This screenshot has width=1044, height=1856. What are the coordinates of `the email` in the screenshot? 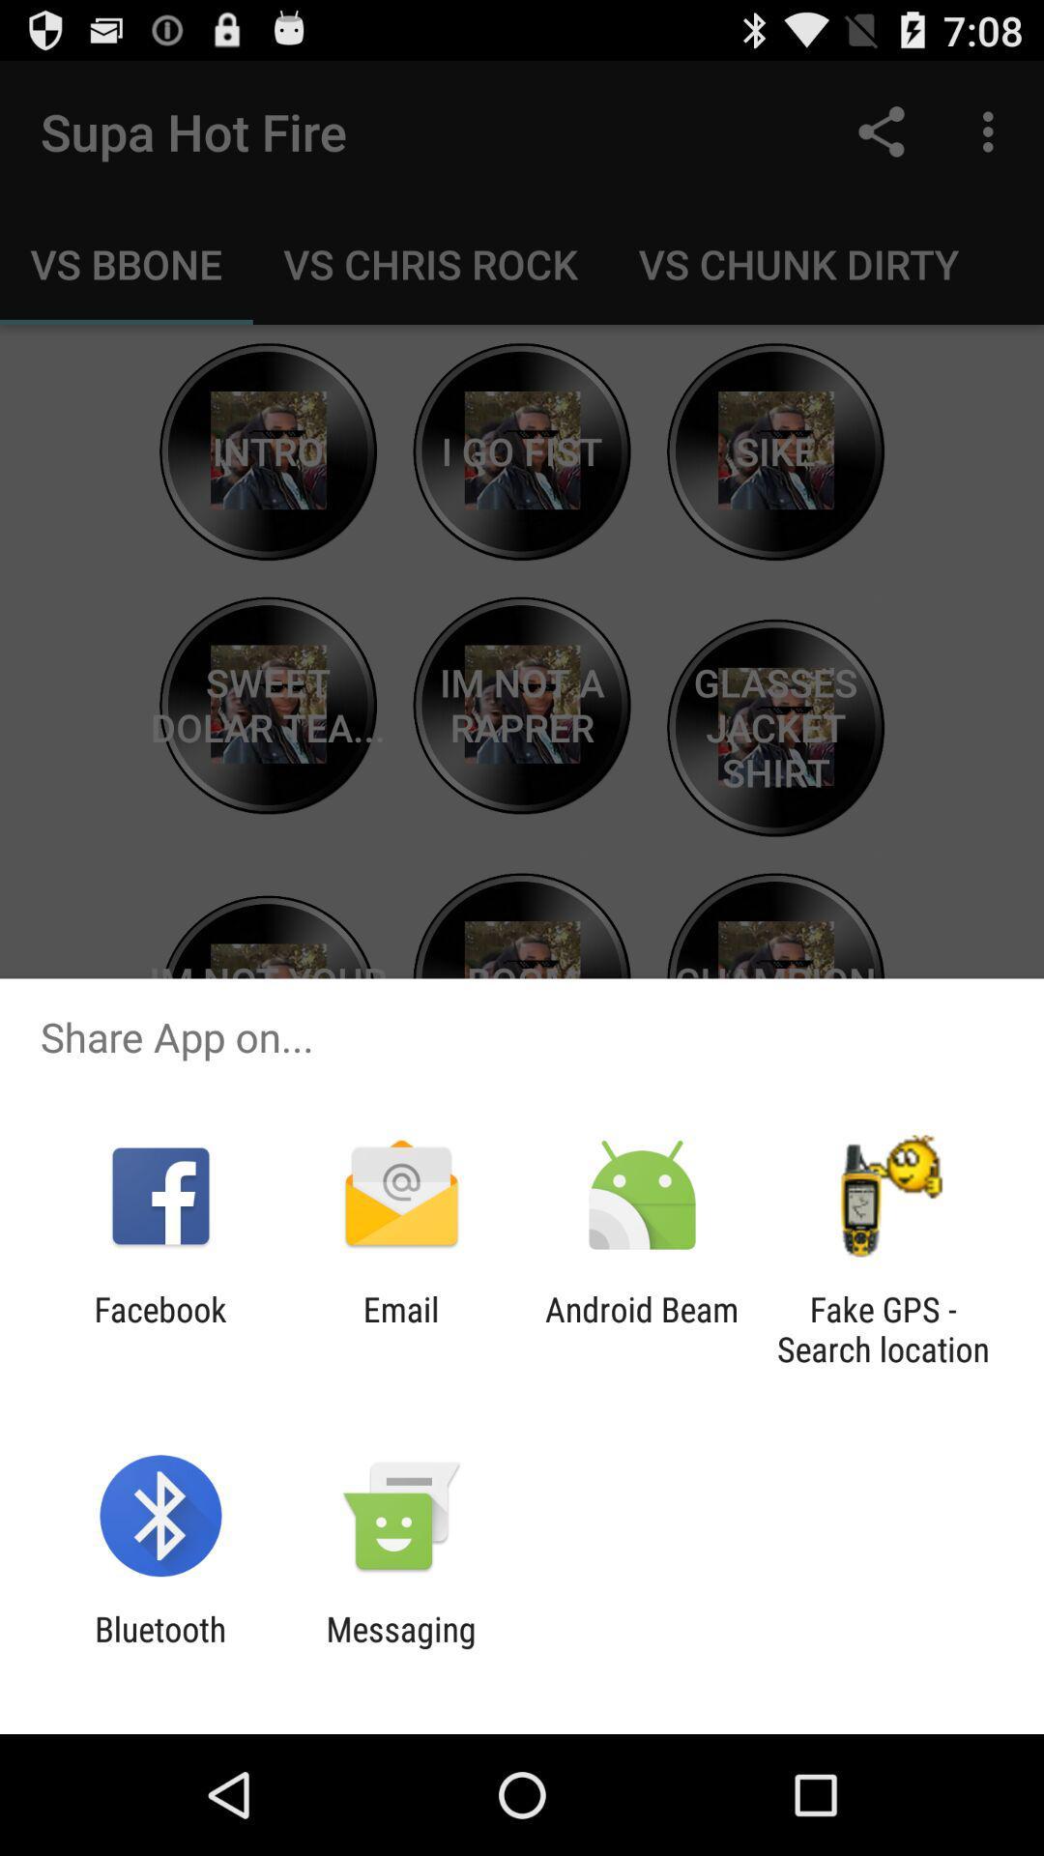 It's located at (400, 1328).